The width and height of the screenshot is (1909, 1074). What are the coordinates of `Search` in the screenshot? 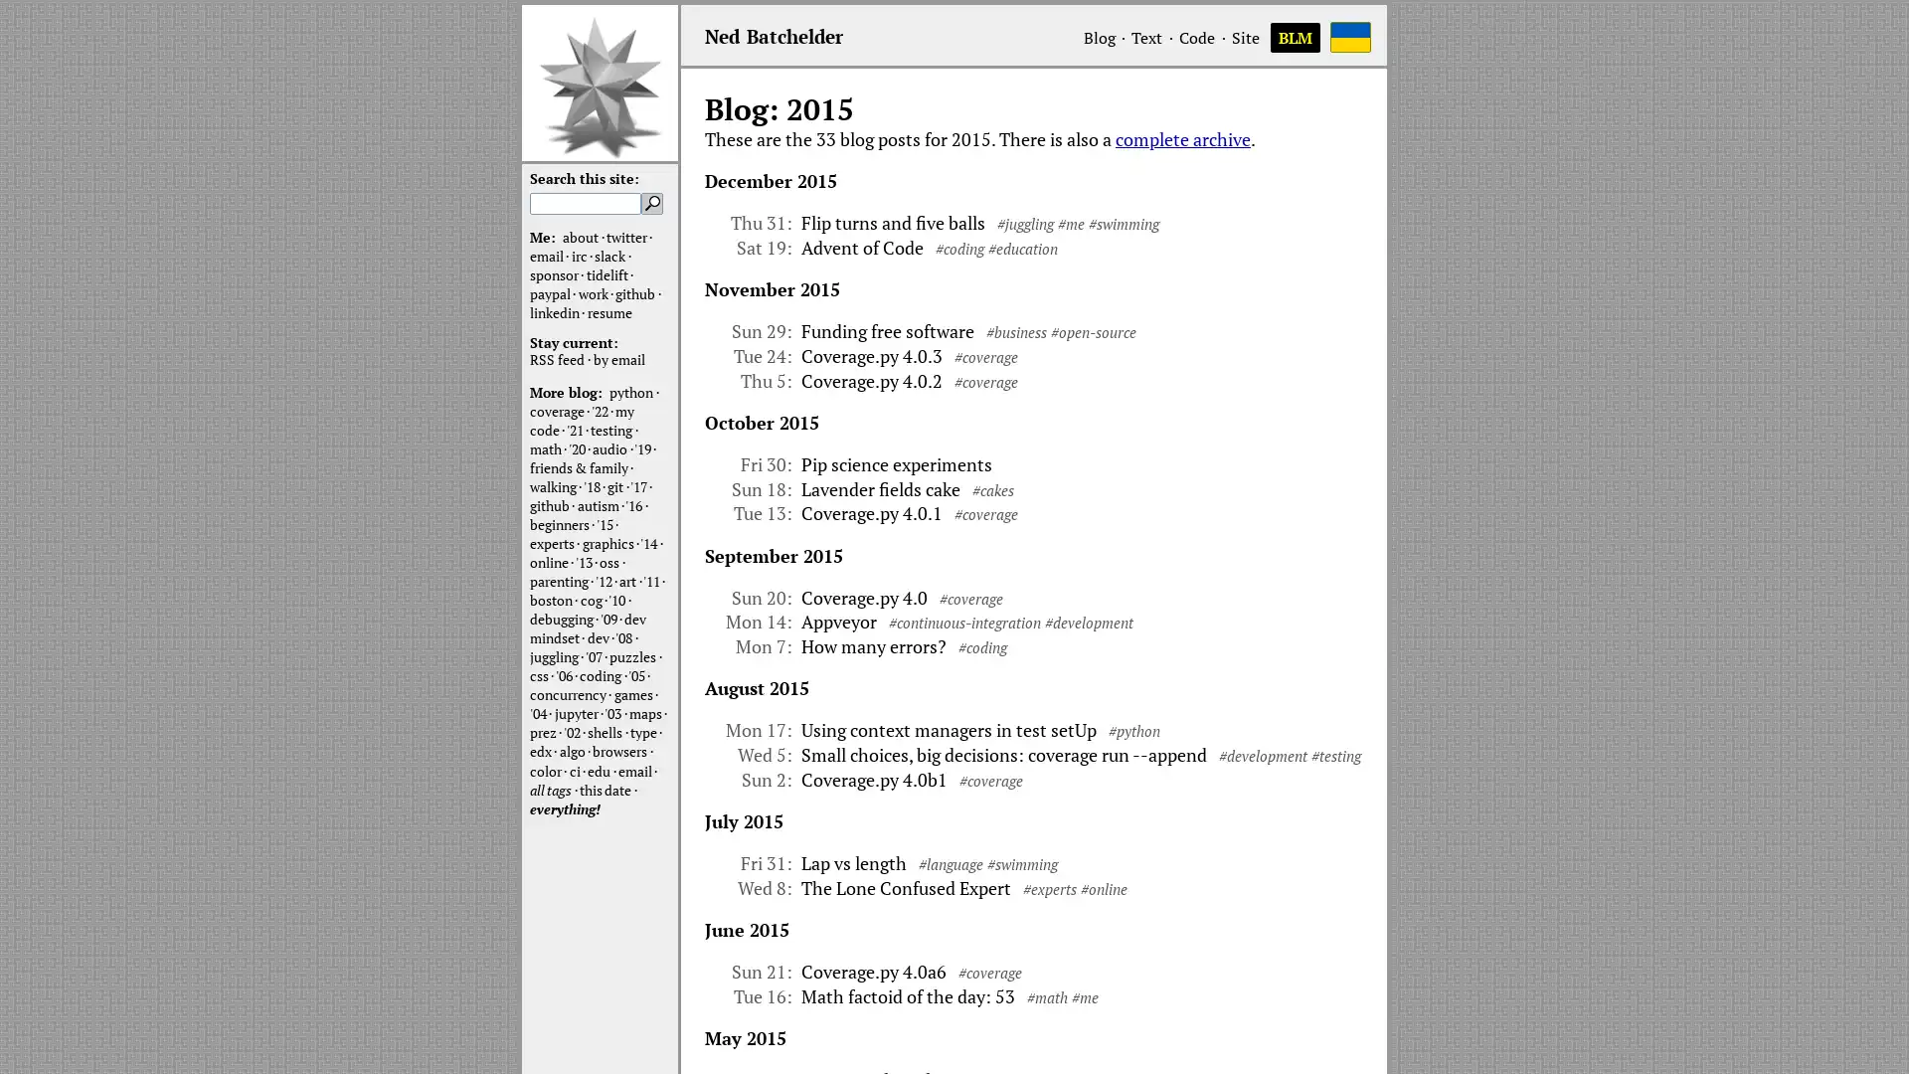 It's located at (652, 203).